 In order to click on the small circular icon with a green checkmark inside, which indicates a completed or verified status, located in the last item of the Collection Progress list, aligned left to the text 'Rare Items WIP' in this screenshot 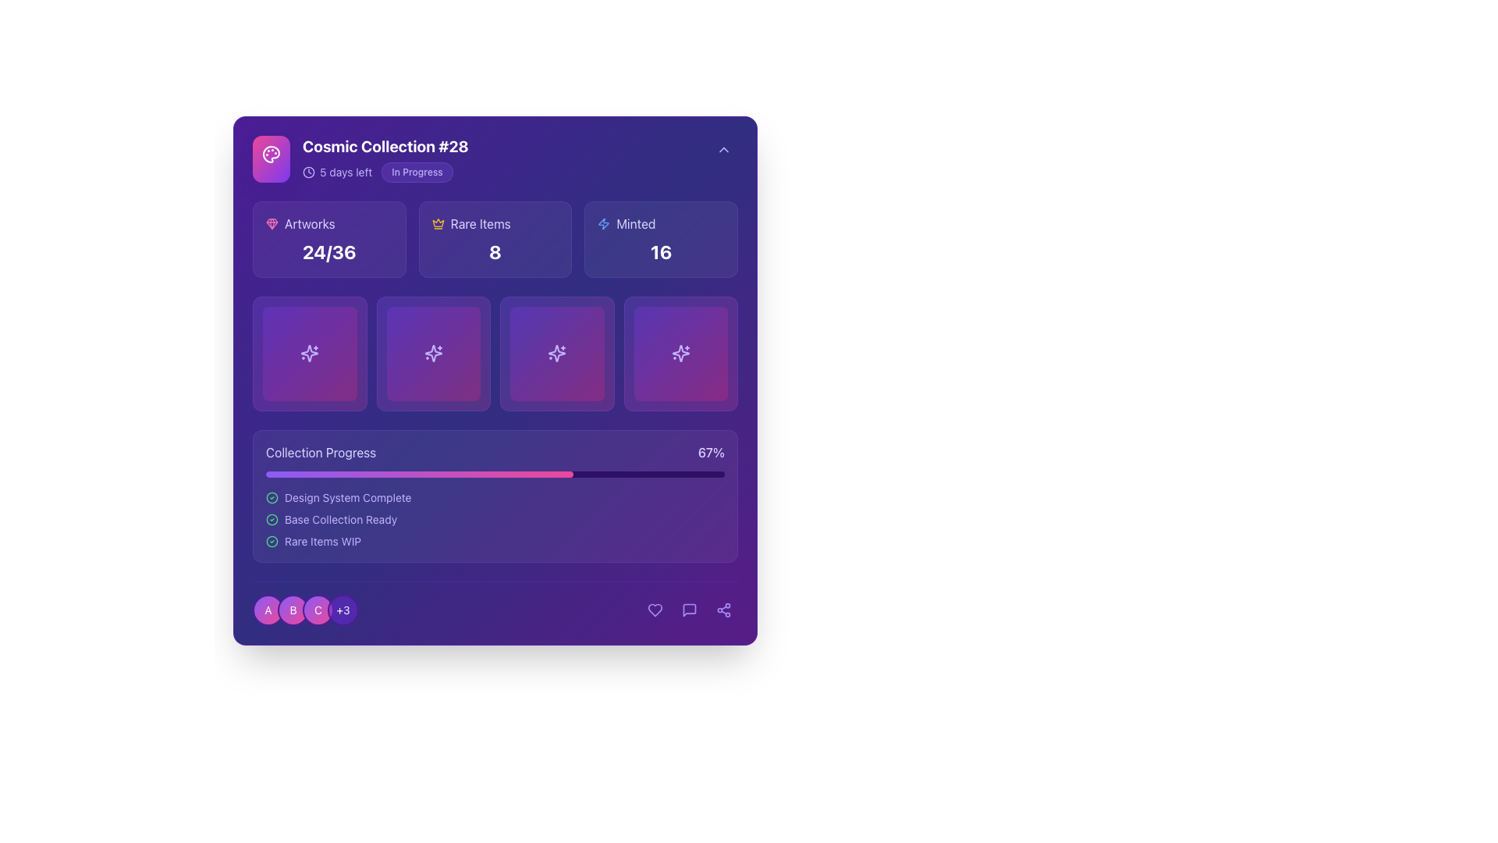, I will do `click(272, 540)`.